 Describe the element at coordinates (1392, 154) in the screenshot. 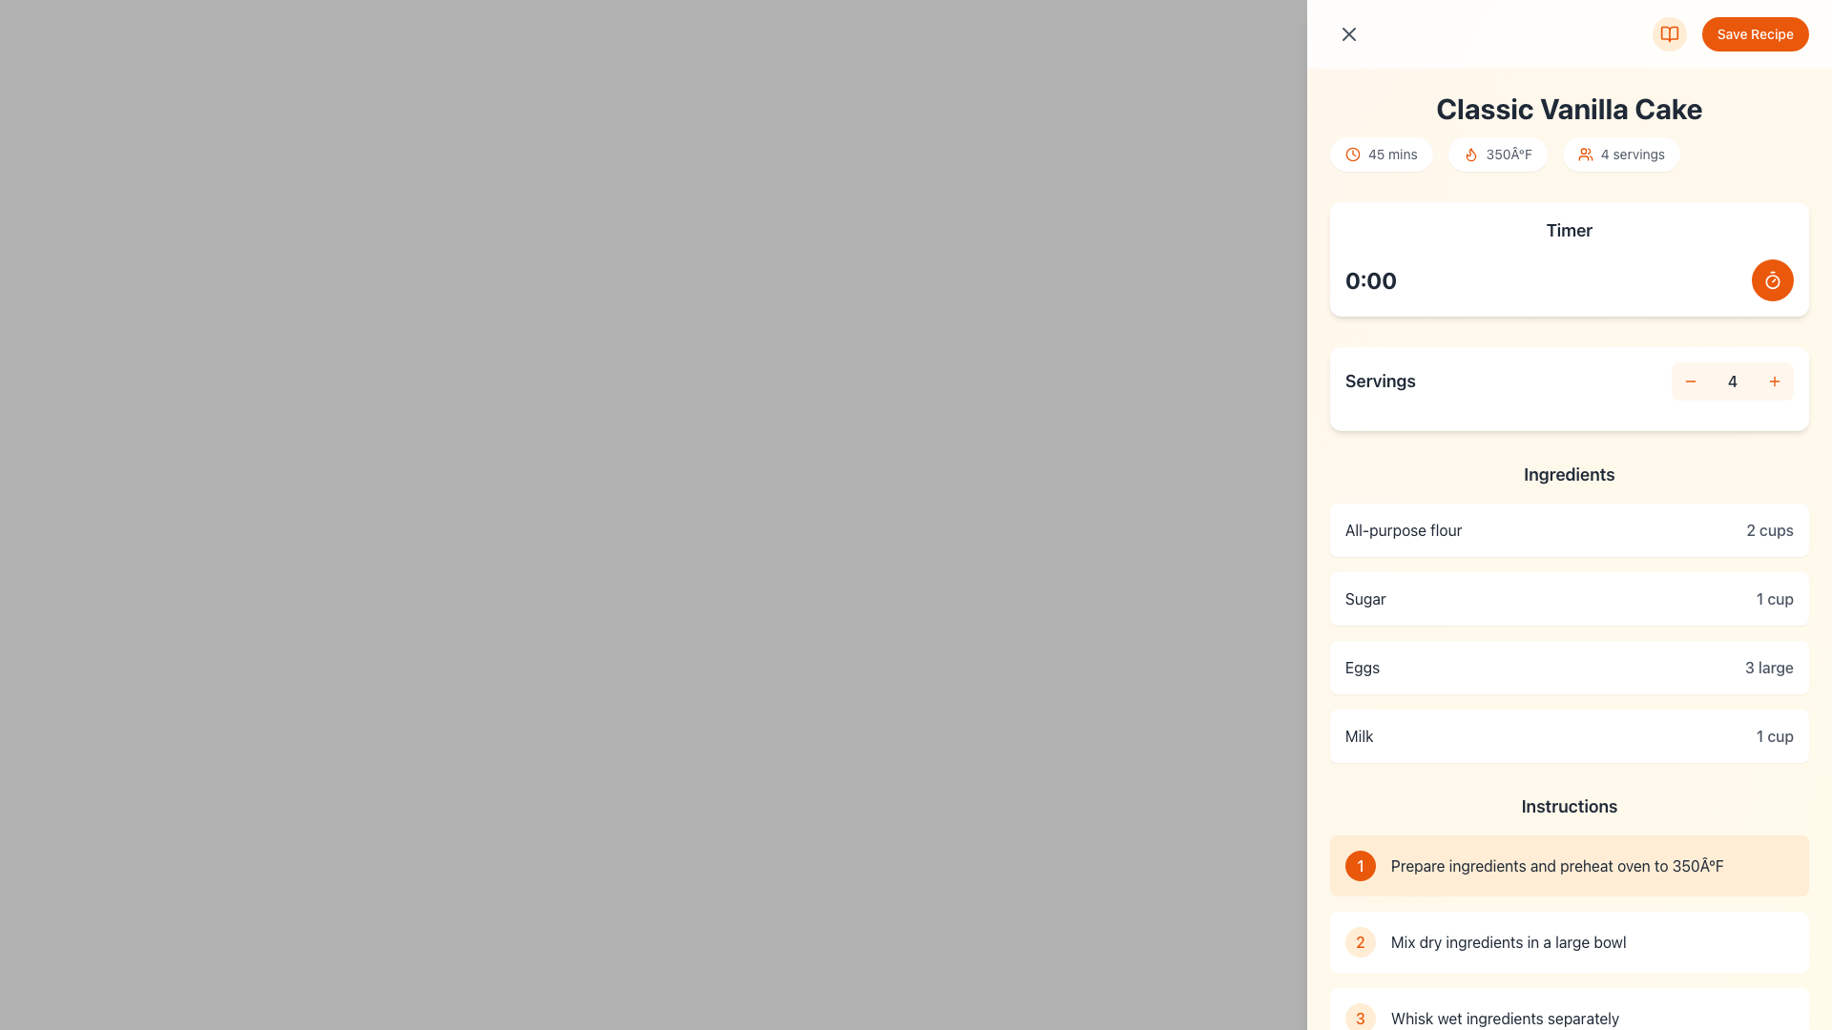

I see `displayed text of the text label showing '45 mins' in a light gray font, located next to the label 'Classic Vanilla Cake.'` at that location.